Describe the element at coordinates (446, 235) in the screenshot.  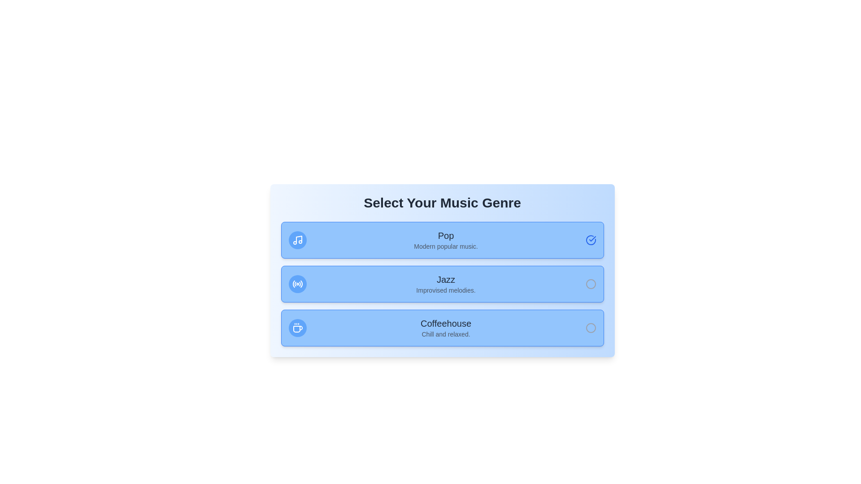
I see `the bold text label displaying the word 'Pop' to identify the genre in the music genre selection interface` at that location.